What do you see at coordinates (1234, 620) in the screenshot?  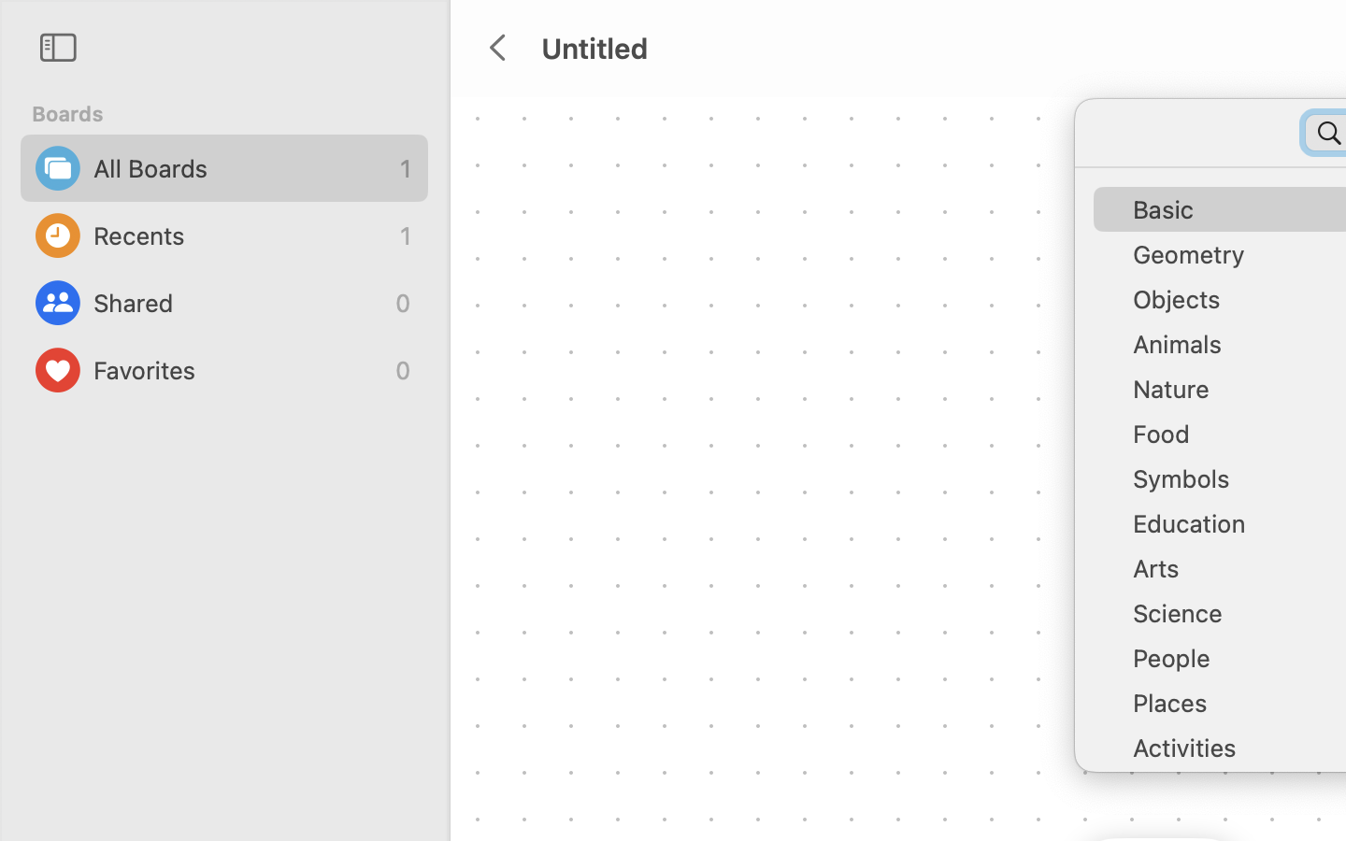 I see `'Science'` at bounding box center [1234, 620].